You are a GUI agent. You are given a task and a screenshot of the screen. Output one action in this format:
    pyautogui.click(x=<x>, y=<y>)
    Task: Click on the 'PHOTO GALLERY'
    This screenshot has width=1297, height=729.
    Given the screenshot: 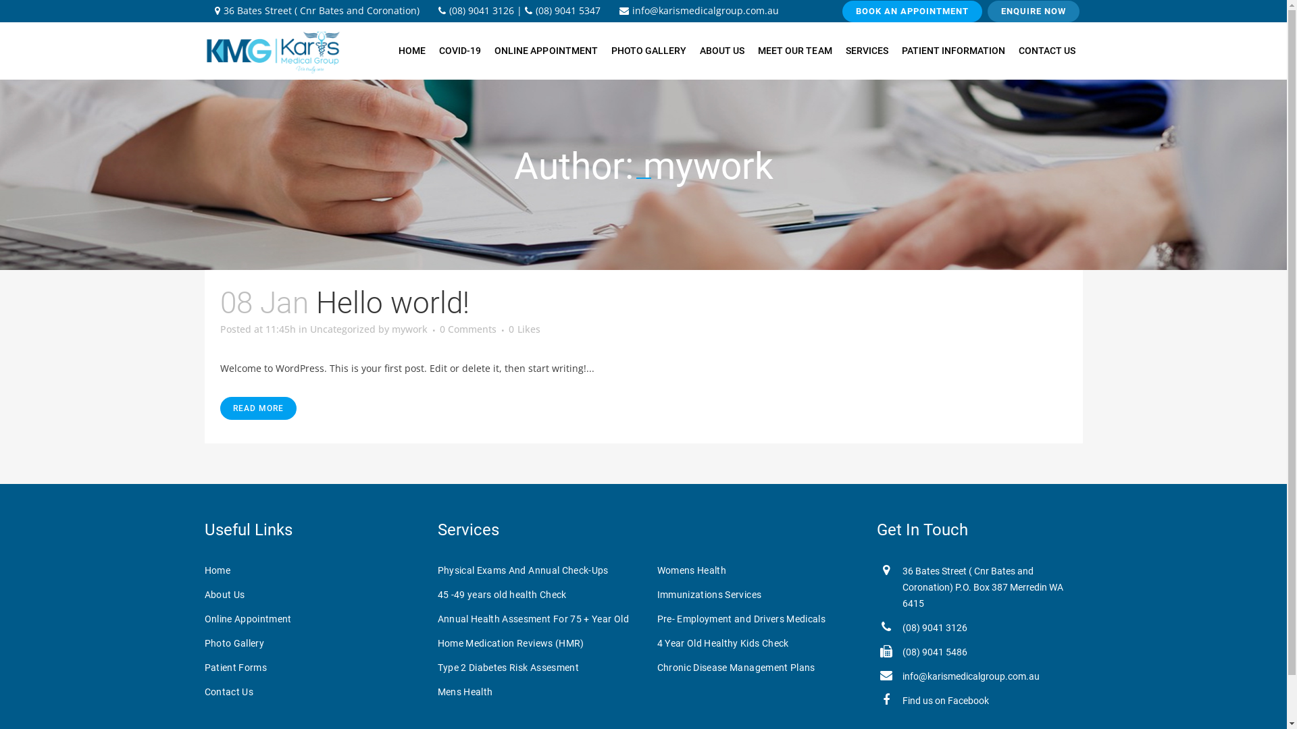 What is the action you would take?
    pyautogui.click(x=648, y=50)
    